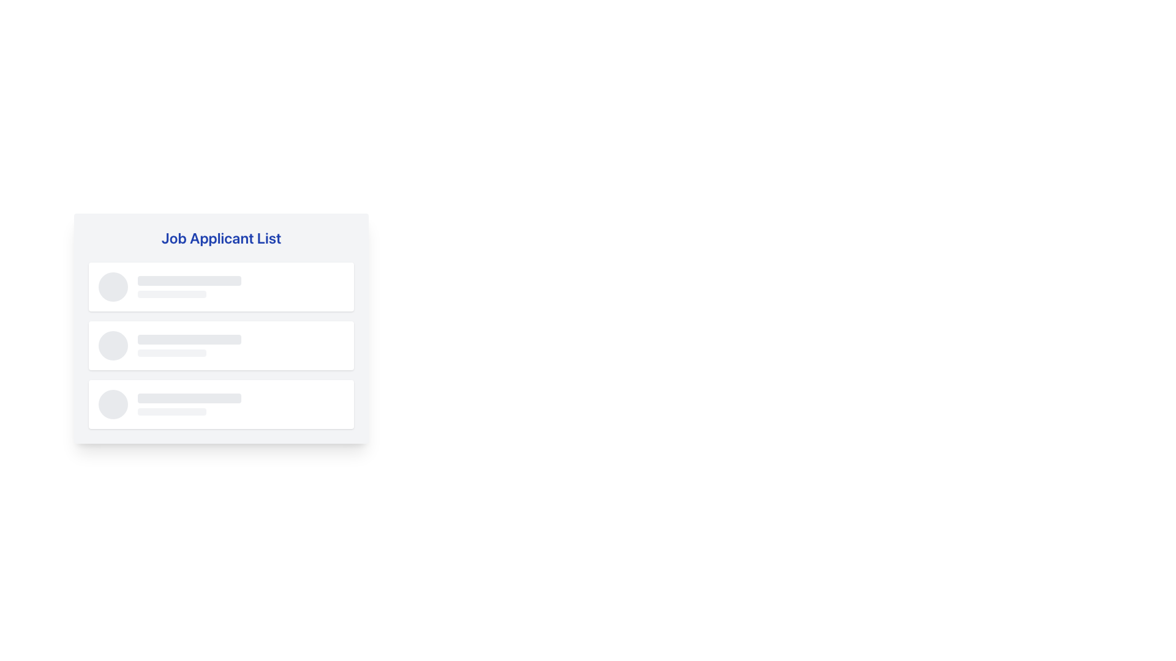 This screenshot has height=661, width=1176. I want to click on the second List Item Card in the 'Job Applicant List', which has a white background, rounded corners, and a shadow effect, so click(221, 345).